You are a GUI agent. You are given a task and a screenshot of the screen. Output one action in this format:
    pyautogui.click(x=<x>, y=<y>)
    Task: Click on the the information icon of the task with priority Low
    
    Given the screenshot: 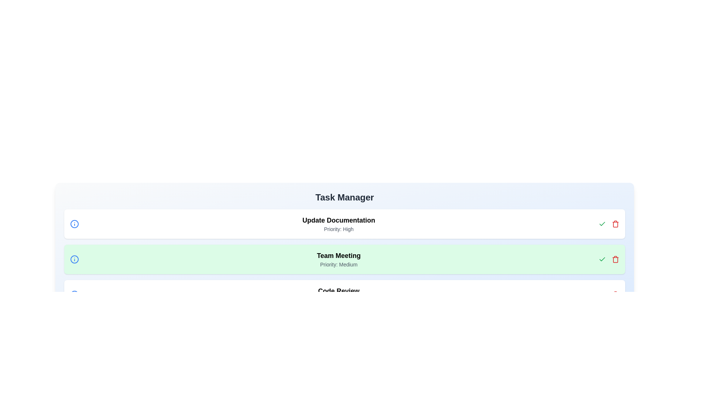 What is the action you would take?
    pyautogui.click(x=74, y=294)
    